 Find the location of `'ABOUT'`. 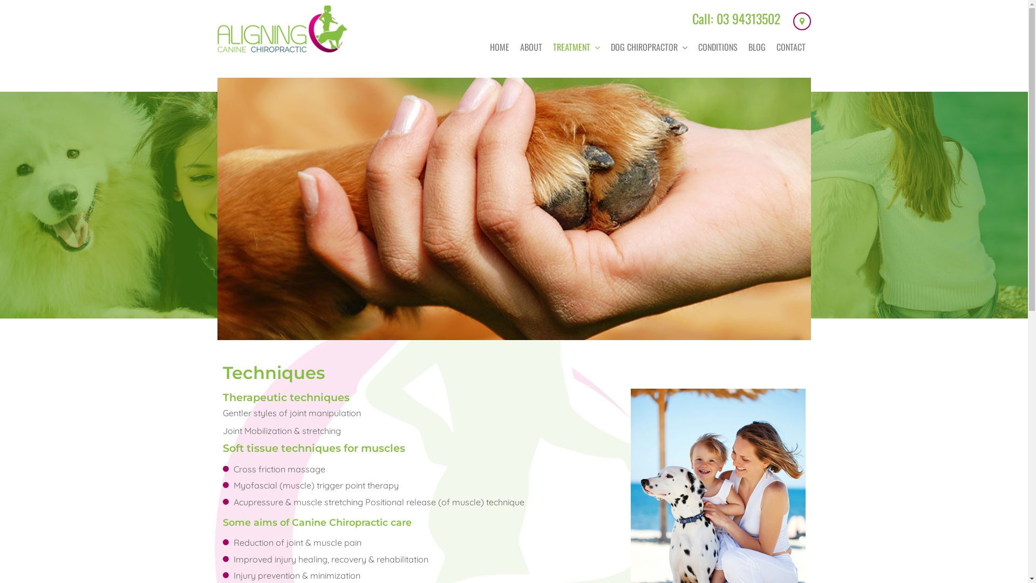

'ABOUT' is located at coordinates (531, 46).